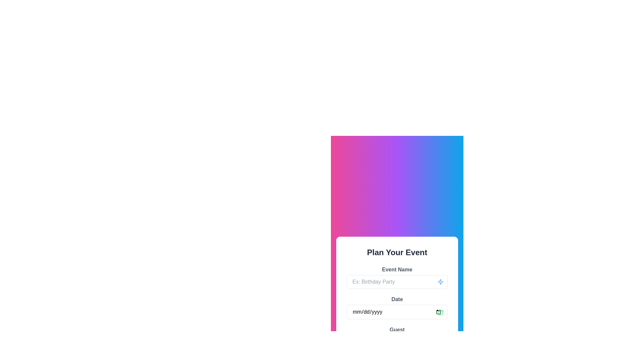 This screenshot has height=357, width=636. What do you see at coordinates (397, 299) in the screenshot?
I see `the 'Date' text label which describes the date input field in the user form titled 'Plan Your Event'` at bounding box center [397, 299].